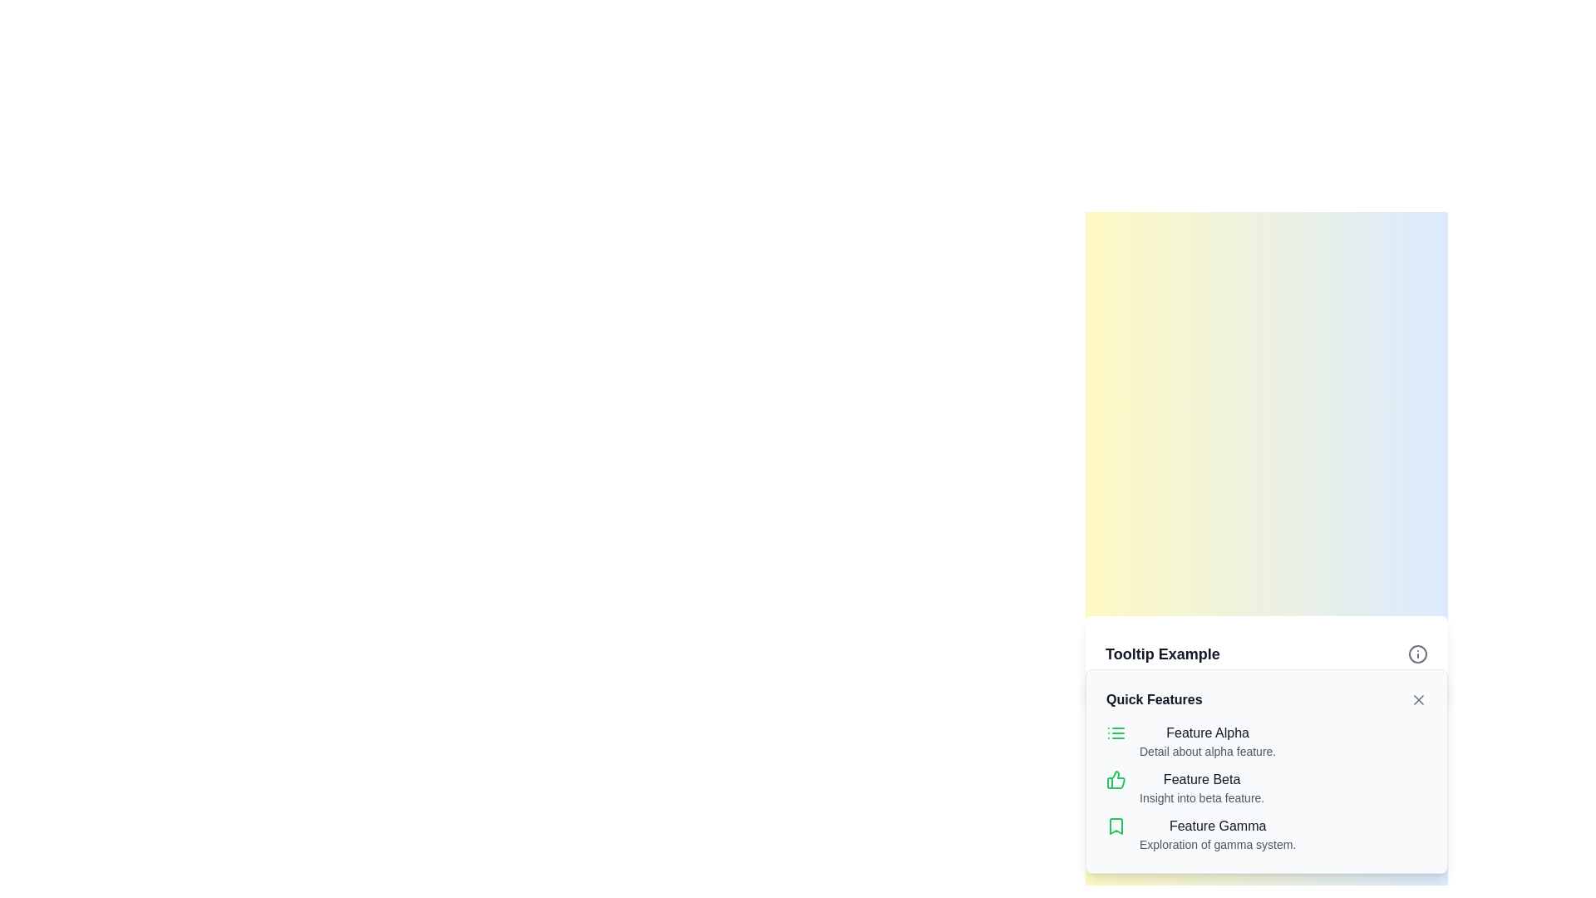 This screenshot has width=1596, height=898. I want to click on the state of the thumbs-up icon, which is a green upward gesture icon located in the bottom-right corner of the UI grouping, so click(1116, 779).